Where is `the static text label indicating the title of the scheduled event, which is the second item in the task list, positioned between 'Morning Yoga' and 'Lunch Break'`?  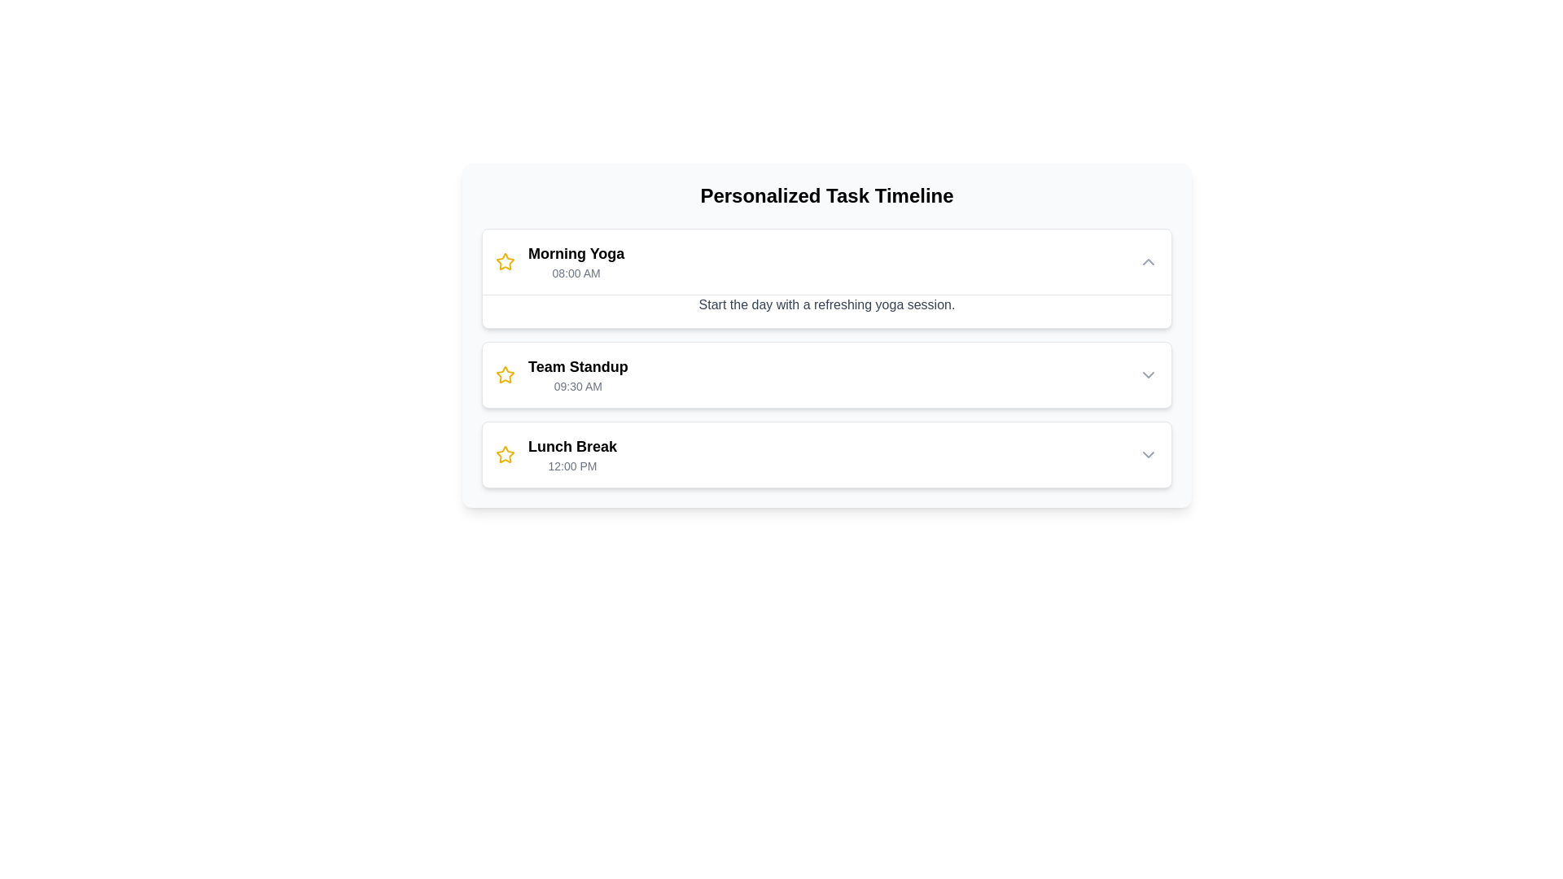 the static text label indicating the title of the scheduled event, which is the second item in the task list, positioned between 'Morning Yoga' and 'Lunch Break' is located at coordinates (578, 367).